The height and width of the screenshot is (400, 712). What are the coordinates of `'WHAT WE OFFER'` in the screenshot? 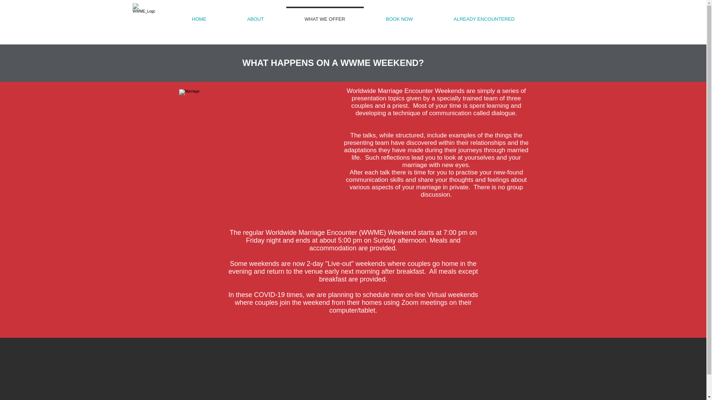 It's located at (324, 16).